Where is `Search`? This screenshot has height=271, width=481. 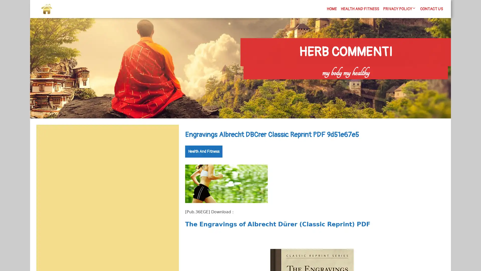
Search is located at coordinates (390, 82).